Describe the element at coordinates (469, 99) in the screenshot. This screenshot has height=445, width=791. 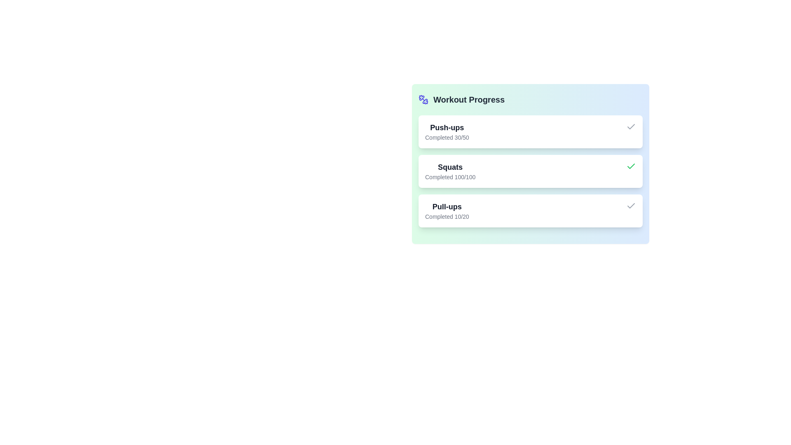
I see `the static text heading or label that serves as the title for the workout-related metrics section, located near the top-left corner of the panel` at that location.